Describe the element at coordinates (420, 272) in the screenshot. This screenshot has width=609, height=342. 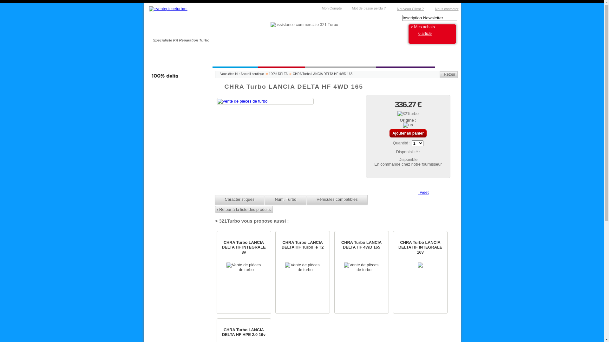
I see `'CHRA Turbo LANCIA DELTA HF INTEGRALE 16v'` at that location.